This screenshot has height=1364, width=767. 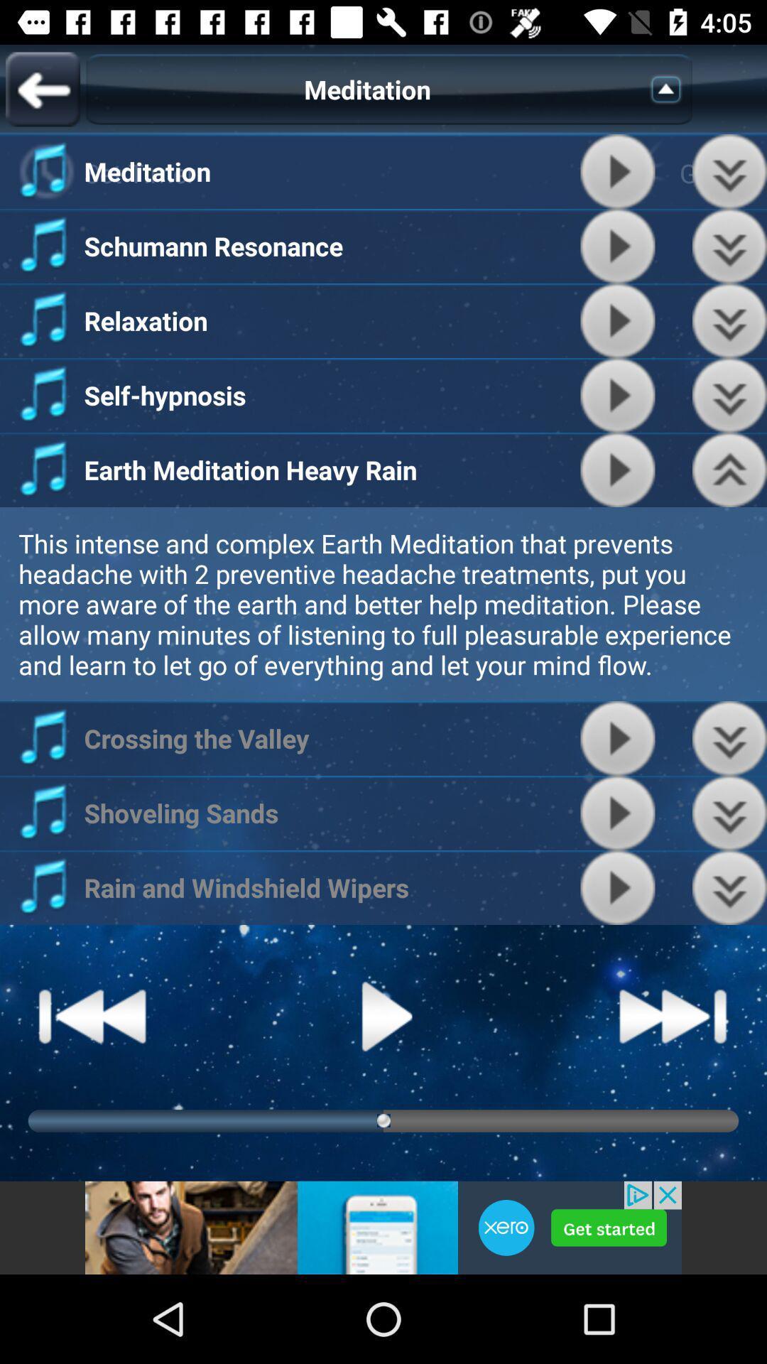 What do you see at coordinates (42, 88) in the screenshot?
I see `previous page` at bounding box center [42, 88].